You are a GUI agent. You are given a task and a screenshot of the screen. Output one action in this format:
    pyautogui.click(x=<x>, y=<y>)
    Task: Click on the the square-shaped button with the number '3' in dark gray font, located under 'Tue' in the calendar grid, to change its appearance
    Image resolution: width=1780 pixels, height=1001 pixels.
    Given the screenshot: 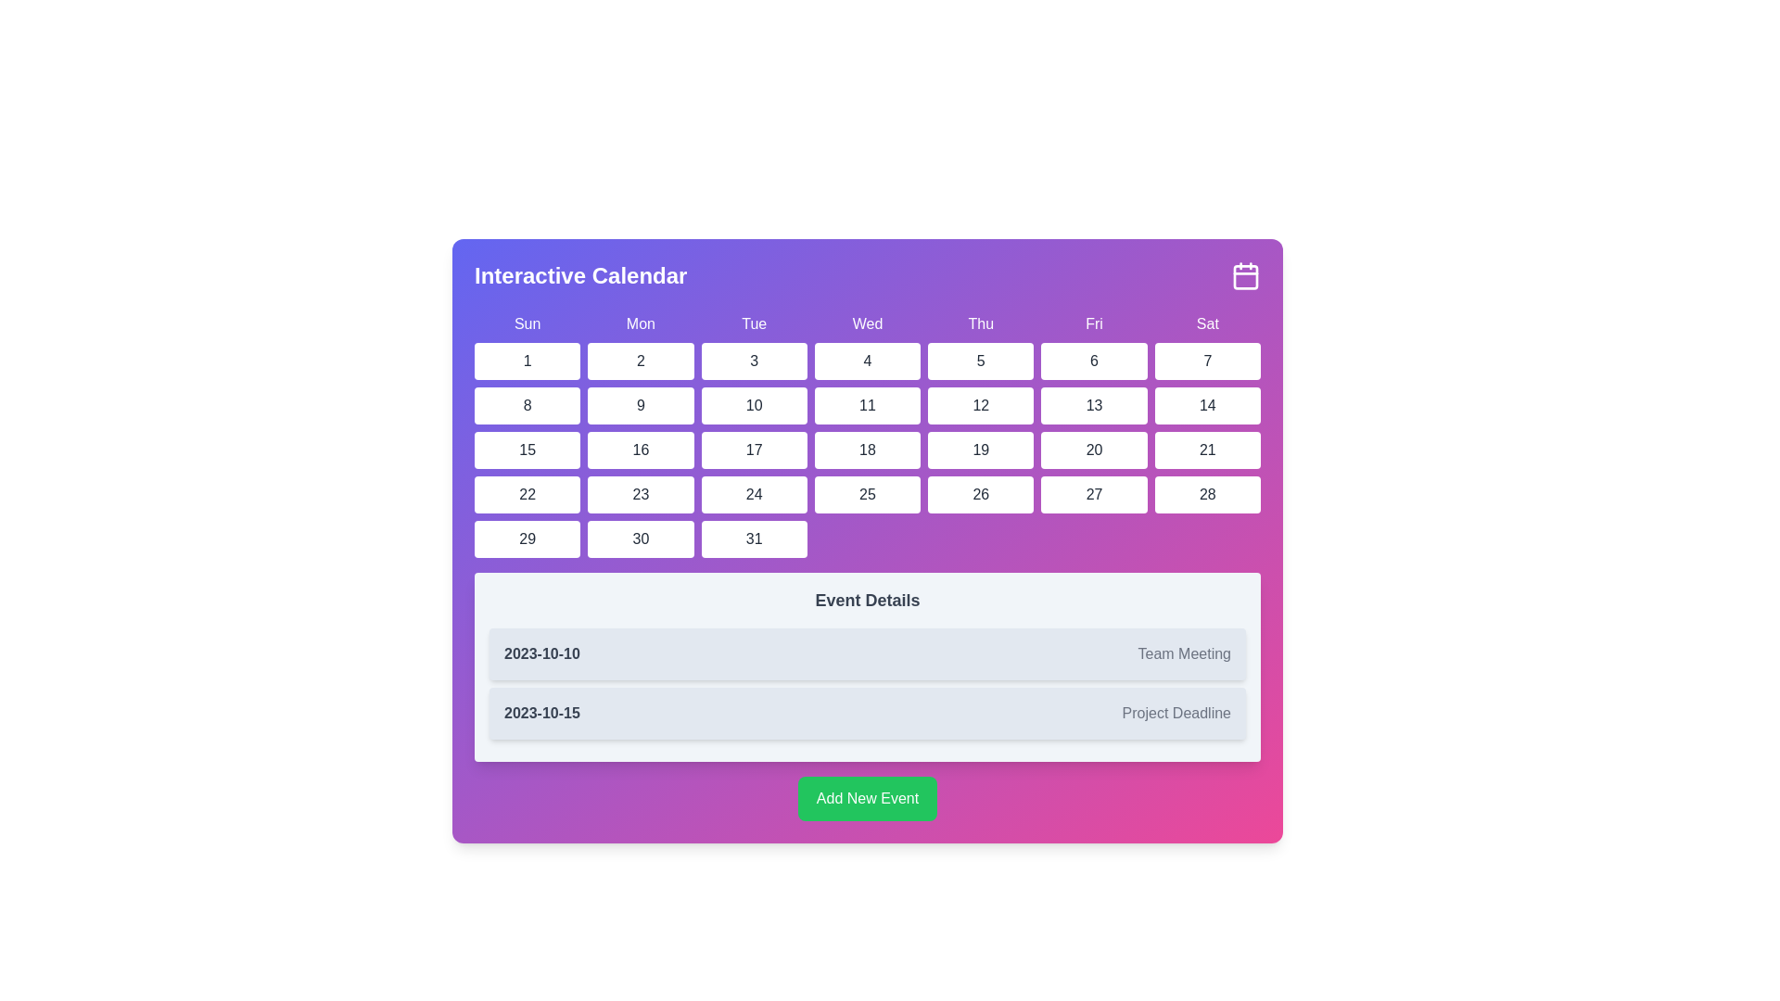 What is the action you would take?
    pyautogui.click(x=754, y=361)
    